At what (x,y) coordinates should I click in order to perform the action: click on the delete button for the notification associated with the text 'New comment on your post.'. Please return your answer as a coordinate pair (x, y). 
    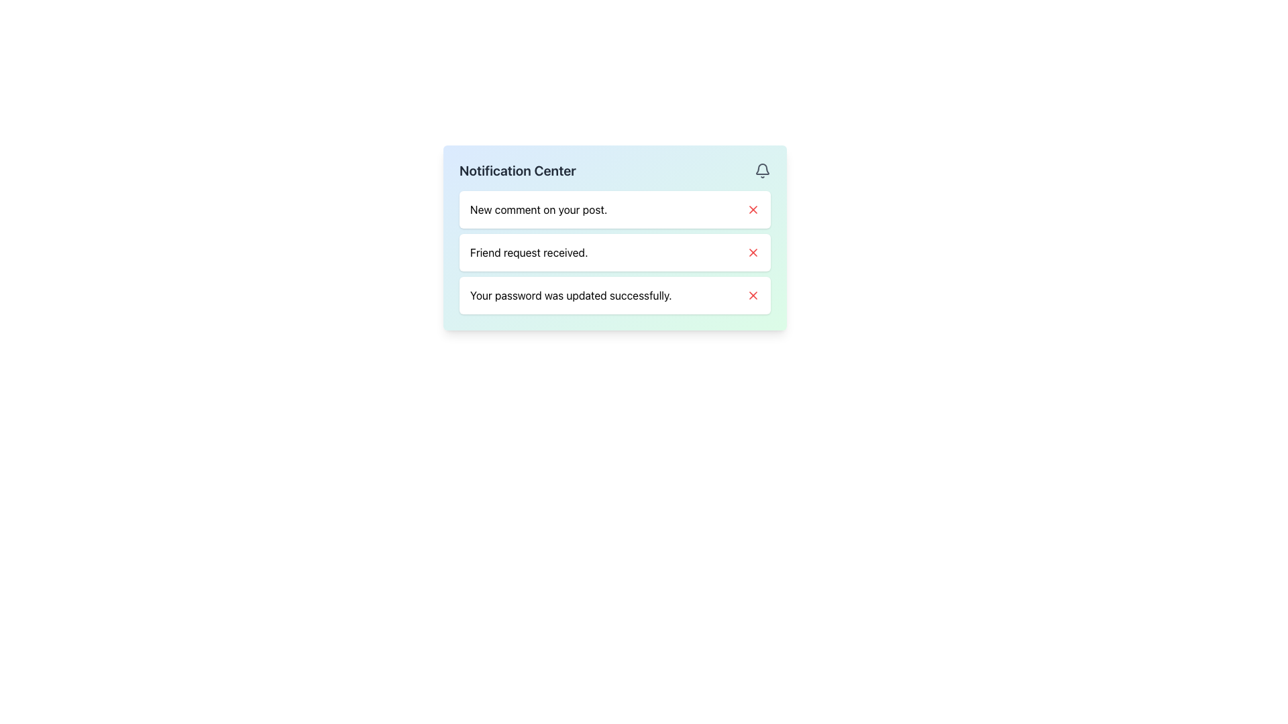
    Looking at the image, I should click on (753, 209).